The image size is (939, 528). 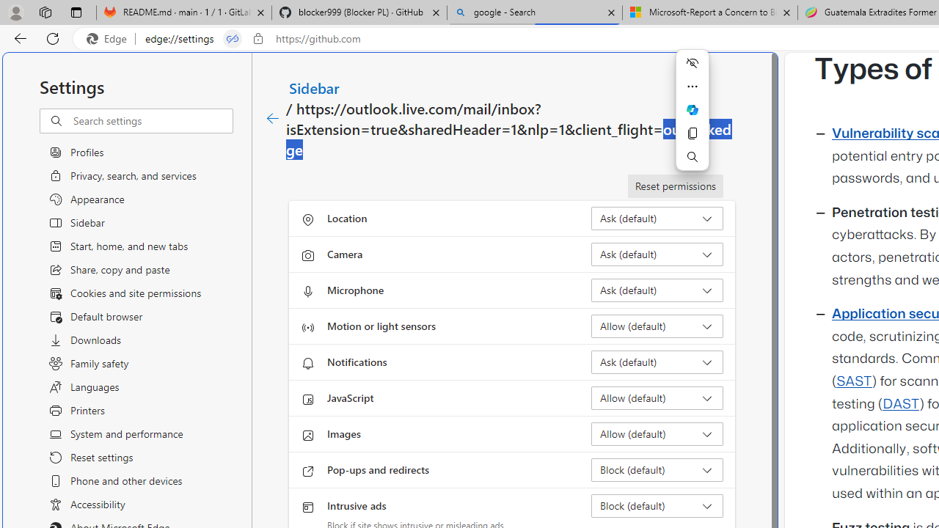 What do you see at coordinates (657, 290) in the screenshot?
I see `'Microphone Ask (default)'` at bounding box center [657, 290].